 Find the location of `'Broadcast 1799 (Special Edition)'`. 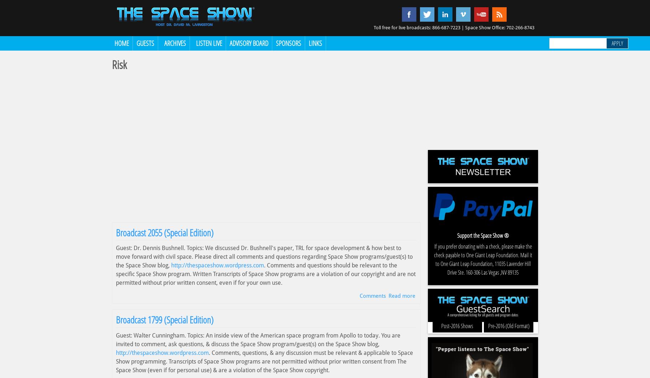

'Broadcast 1799 (Special Edition)' is located at coordinates (164, 319).